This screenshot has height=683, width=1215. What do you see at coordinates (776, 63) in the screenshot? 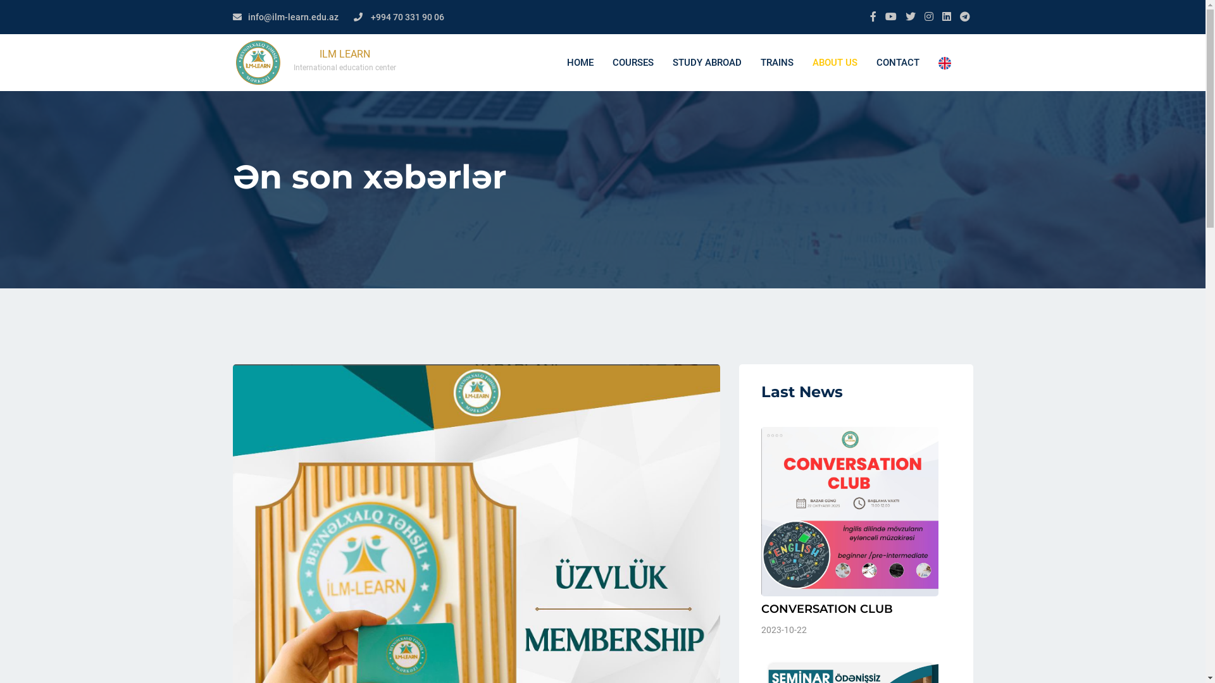
I see `'TRAINS'` at bounding box center [776, 63].